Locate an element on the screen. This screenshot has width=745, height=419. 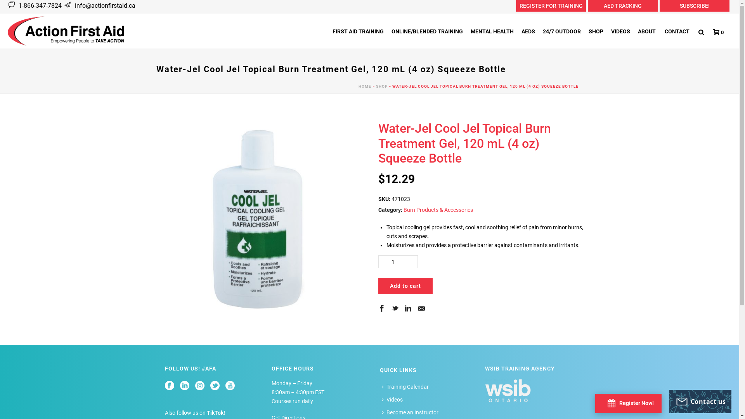
'Follow Us! #afa twitter' is located at coordinates (210, 386).